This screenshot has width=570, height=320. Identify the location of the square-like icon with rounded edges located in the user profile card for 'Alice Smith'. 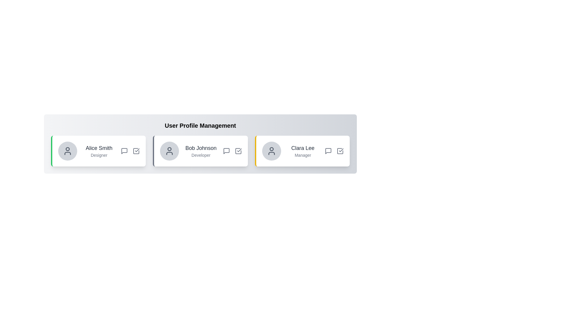
(136, 151).